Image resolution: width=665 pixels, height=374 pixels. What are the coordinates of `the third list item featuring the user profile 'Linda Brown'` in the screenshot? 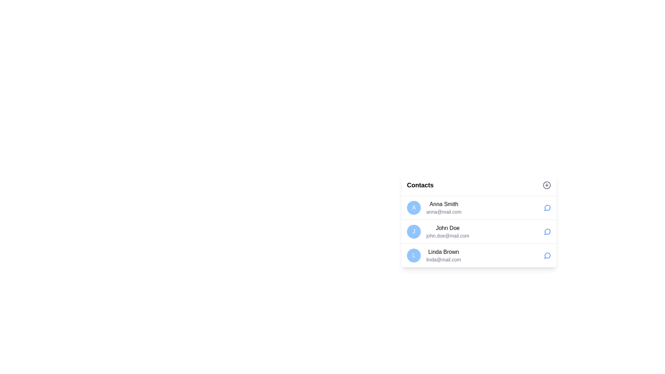 It's located at (478, 255).